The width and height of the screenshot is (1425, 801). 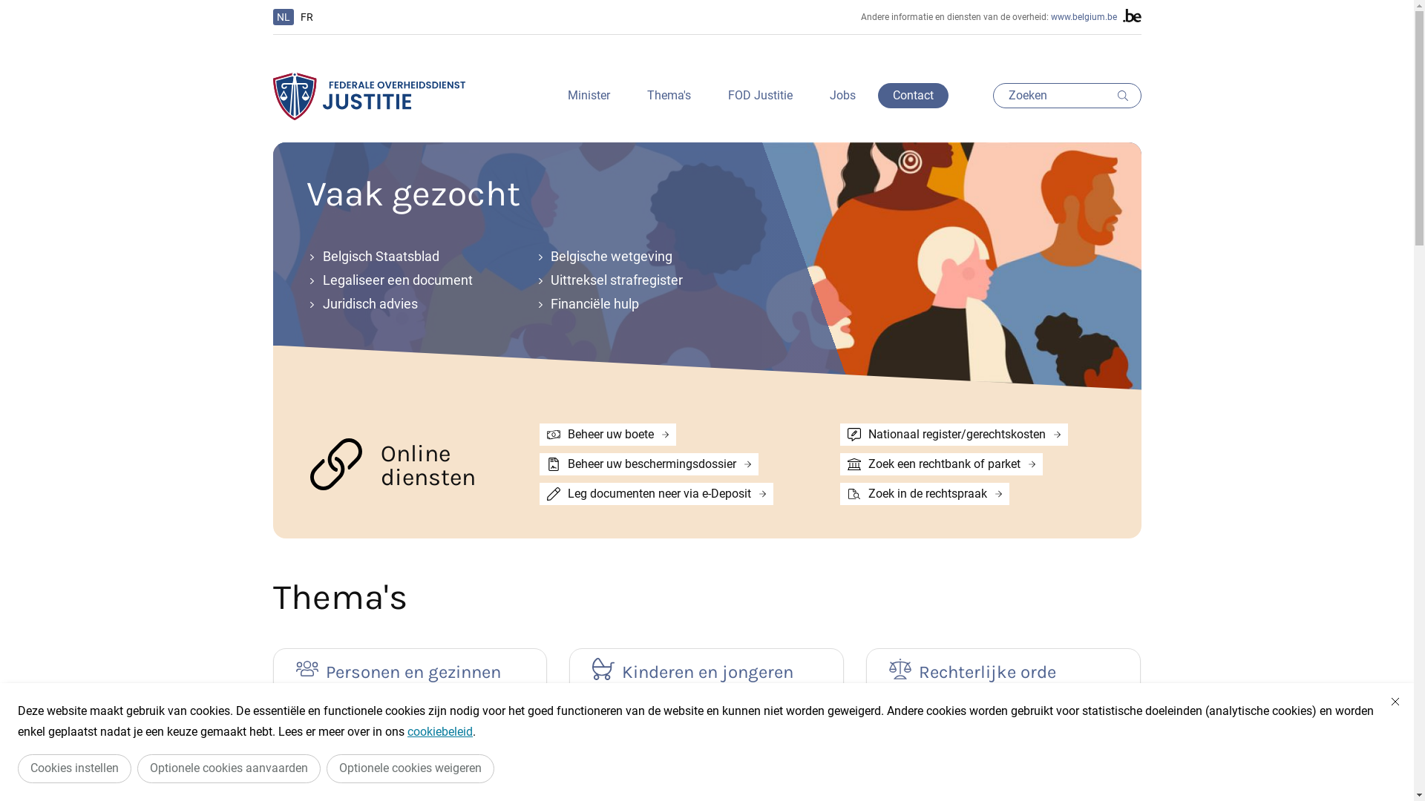 What do you see at coordinates (587, 95) in the screenshot?
I see `'Minister'` at bounding box center [587, 95].